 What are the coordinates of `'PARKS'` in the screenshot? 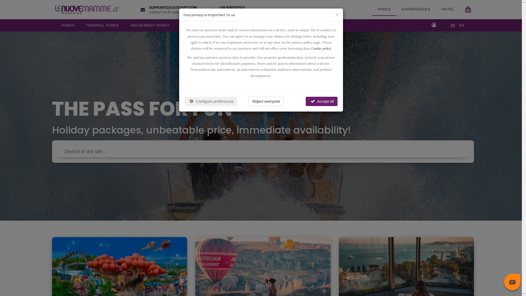 It's located at (384, 9).